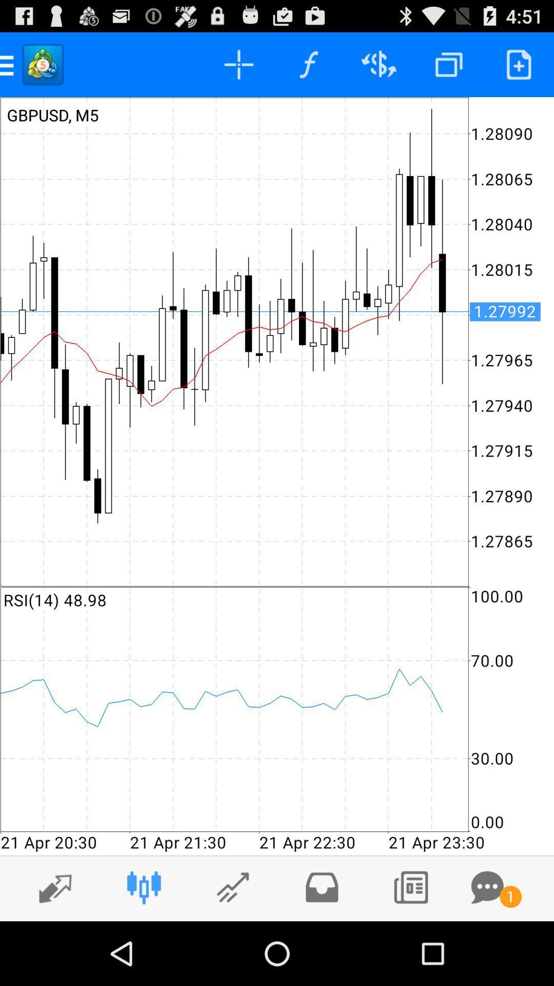 The height and width of the screenshot is (986, 554). What do you see at coordinates (233, 887) in the screenshot?
I see `third icon from left side in the bottom row` at bounding box center [233, 887].